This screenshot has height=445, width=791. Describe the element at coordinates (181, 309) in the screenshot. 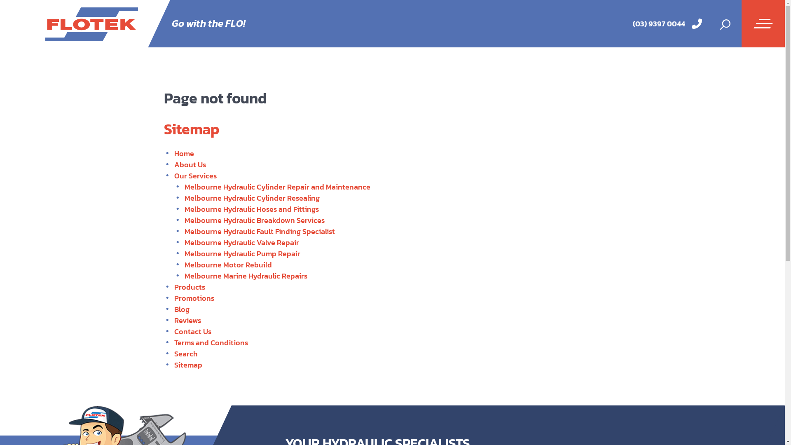

I see `'Blog'` at that location.